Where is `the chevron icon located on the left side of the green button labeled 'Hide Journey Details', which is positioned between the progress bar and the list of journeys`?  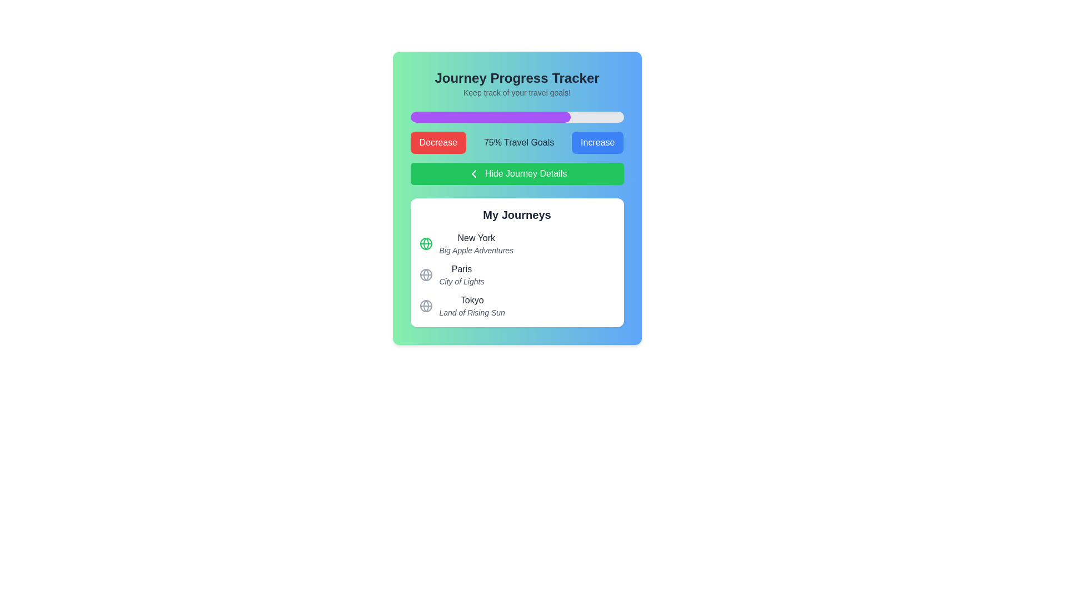 the chevron icon located on the left side of the green button labeled 'Hide Journey Details', which is positioned between the progress bar and the list of journeys is located at coordinates (473, 173).